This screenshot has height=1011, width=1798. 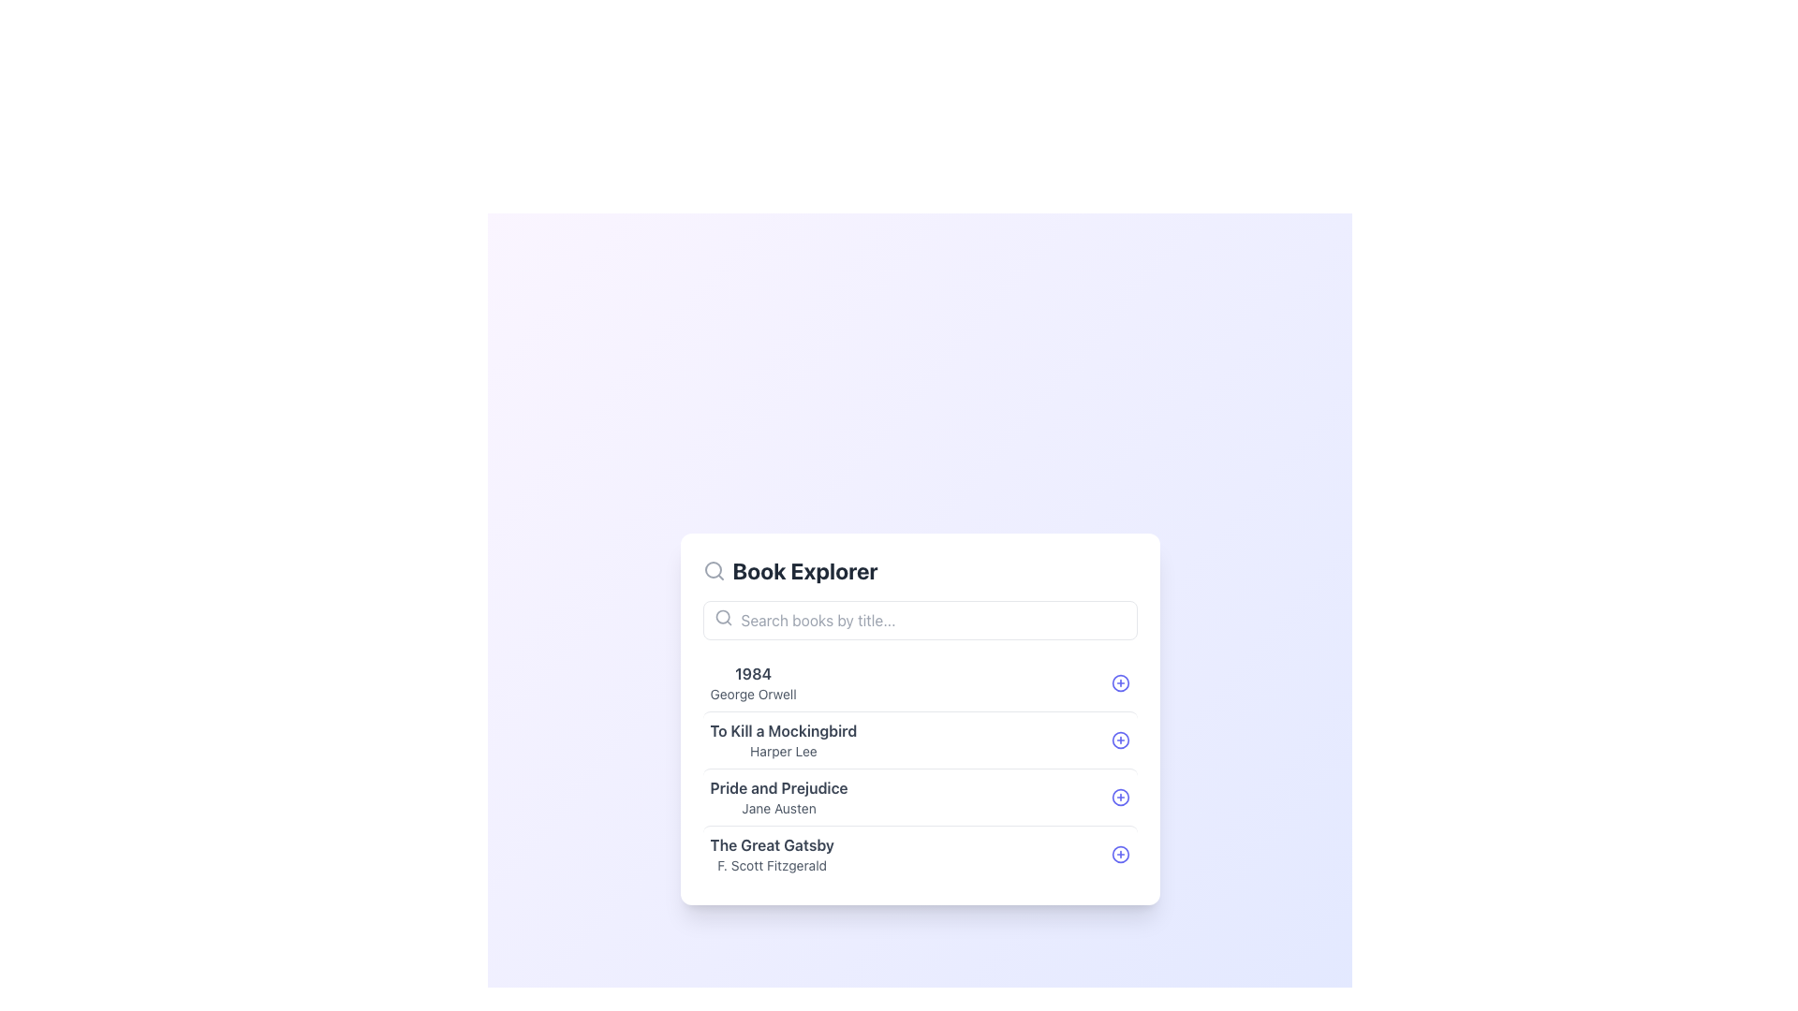 What do you see at coordinates (783, 729) in the screenshot?
I see `the text label displaying the title 'To Kill a Mockingbird' which is bold and dark gray, located in the central list of the 'Book Explorer' section, above the author's name 'Harper Lee'` at bounding box center [783, 729].